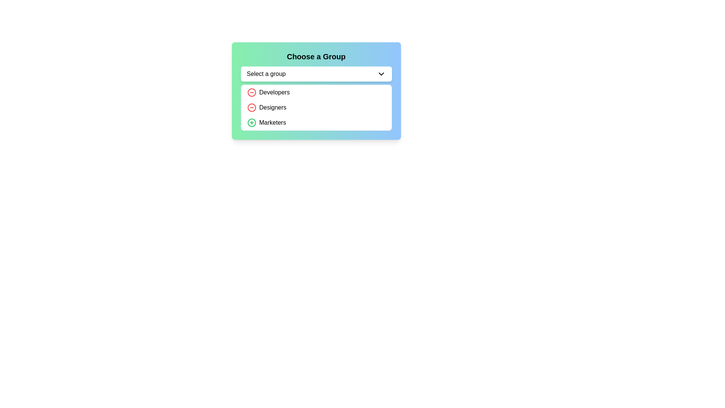 The image size is (725, 408). What do you see at coordinates (272, 108) in the screenshot?
I see `text label displaying 'Designers', which is bold and black, located below 'Developers' and above 'Marketers' in the vertical list of group names` at bounding box center [272, 108].